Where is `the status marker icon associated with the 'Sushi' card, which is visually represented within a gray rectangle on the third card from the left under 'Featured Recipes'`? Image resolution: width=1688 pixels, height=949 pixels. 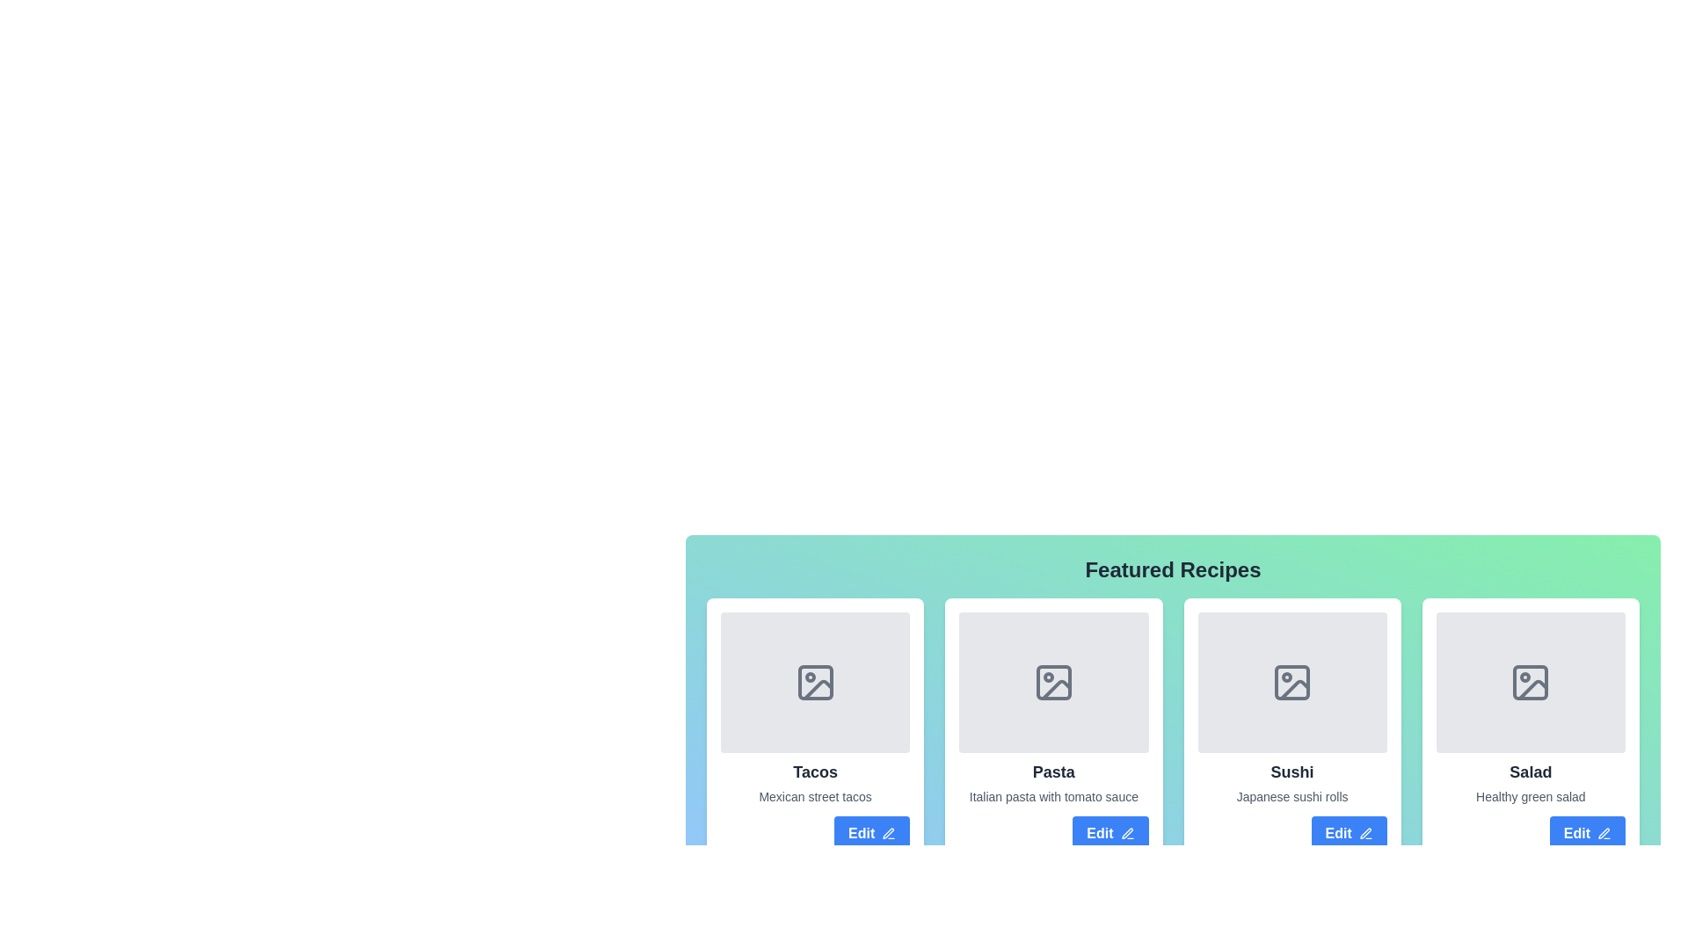 the status marker icon associated with the 'Sushi' card, which is visually represented within a gray rectangle on the third card from the left under 'Featured Recipes' is located at coordinates (1295, 689).